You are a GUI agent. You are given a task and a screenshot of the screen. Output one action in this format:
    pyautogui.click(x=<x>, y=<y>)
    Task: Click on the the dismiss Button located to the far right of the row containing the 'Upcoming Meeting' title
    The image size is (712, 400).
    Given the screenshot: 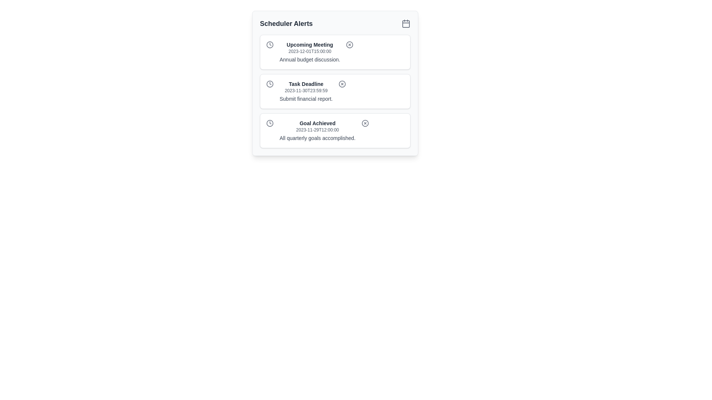 What is the action you would take?
    pyautogui.click(x=349, y=44)
    